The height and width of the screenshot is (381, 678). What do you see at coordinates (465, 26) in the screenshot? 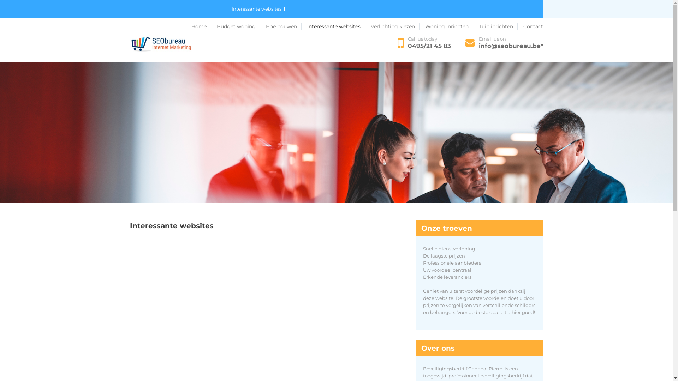
I see `'Woning inrichten'` at bounding box center [465, 26].